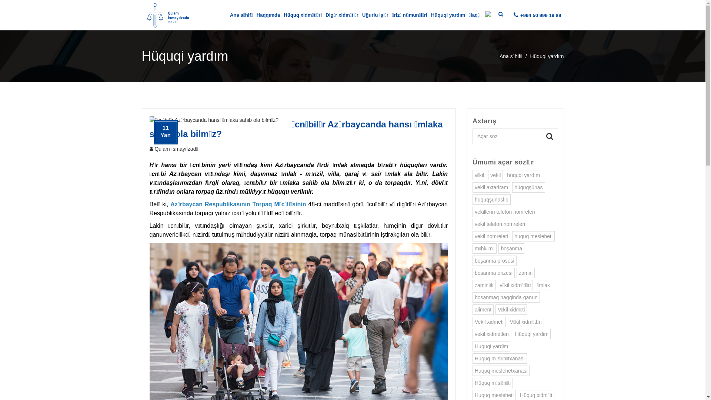 The width and height of the screenshot is (711, 400). What do you see at coordinates (489, 321) in the screenshot?
I see `'Vekil xidmeti'` at bounding box center [489, 321].